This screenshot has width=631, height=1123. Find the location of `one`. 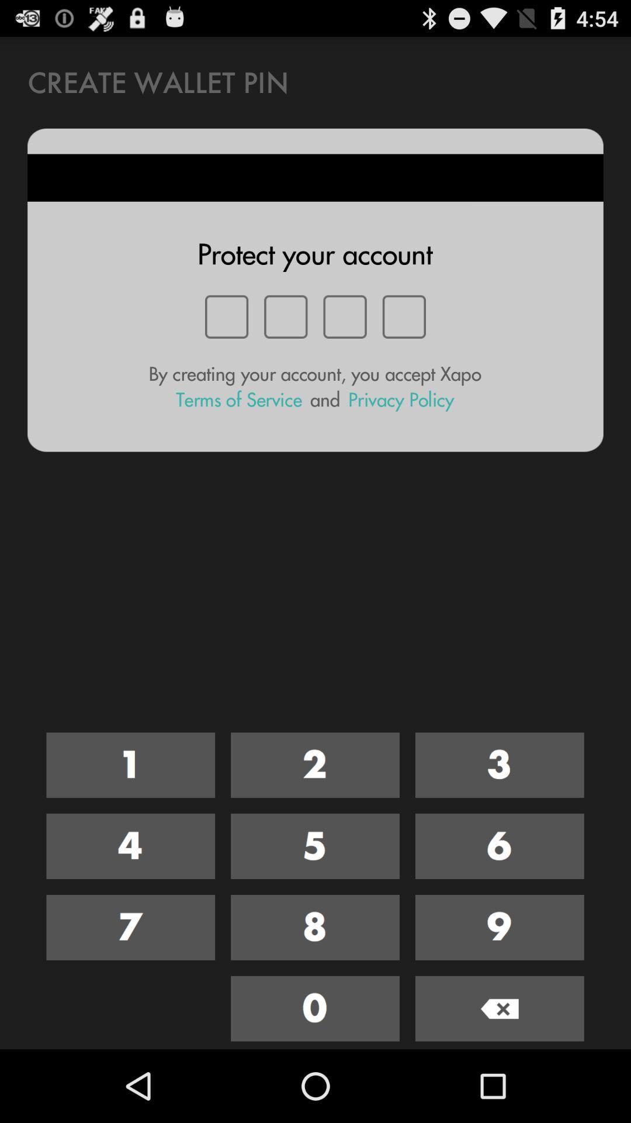

one is located at coordinates (130, 765).